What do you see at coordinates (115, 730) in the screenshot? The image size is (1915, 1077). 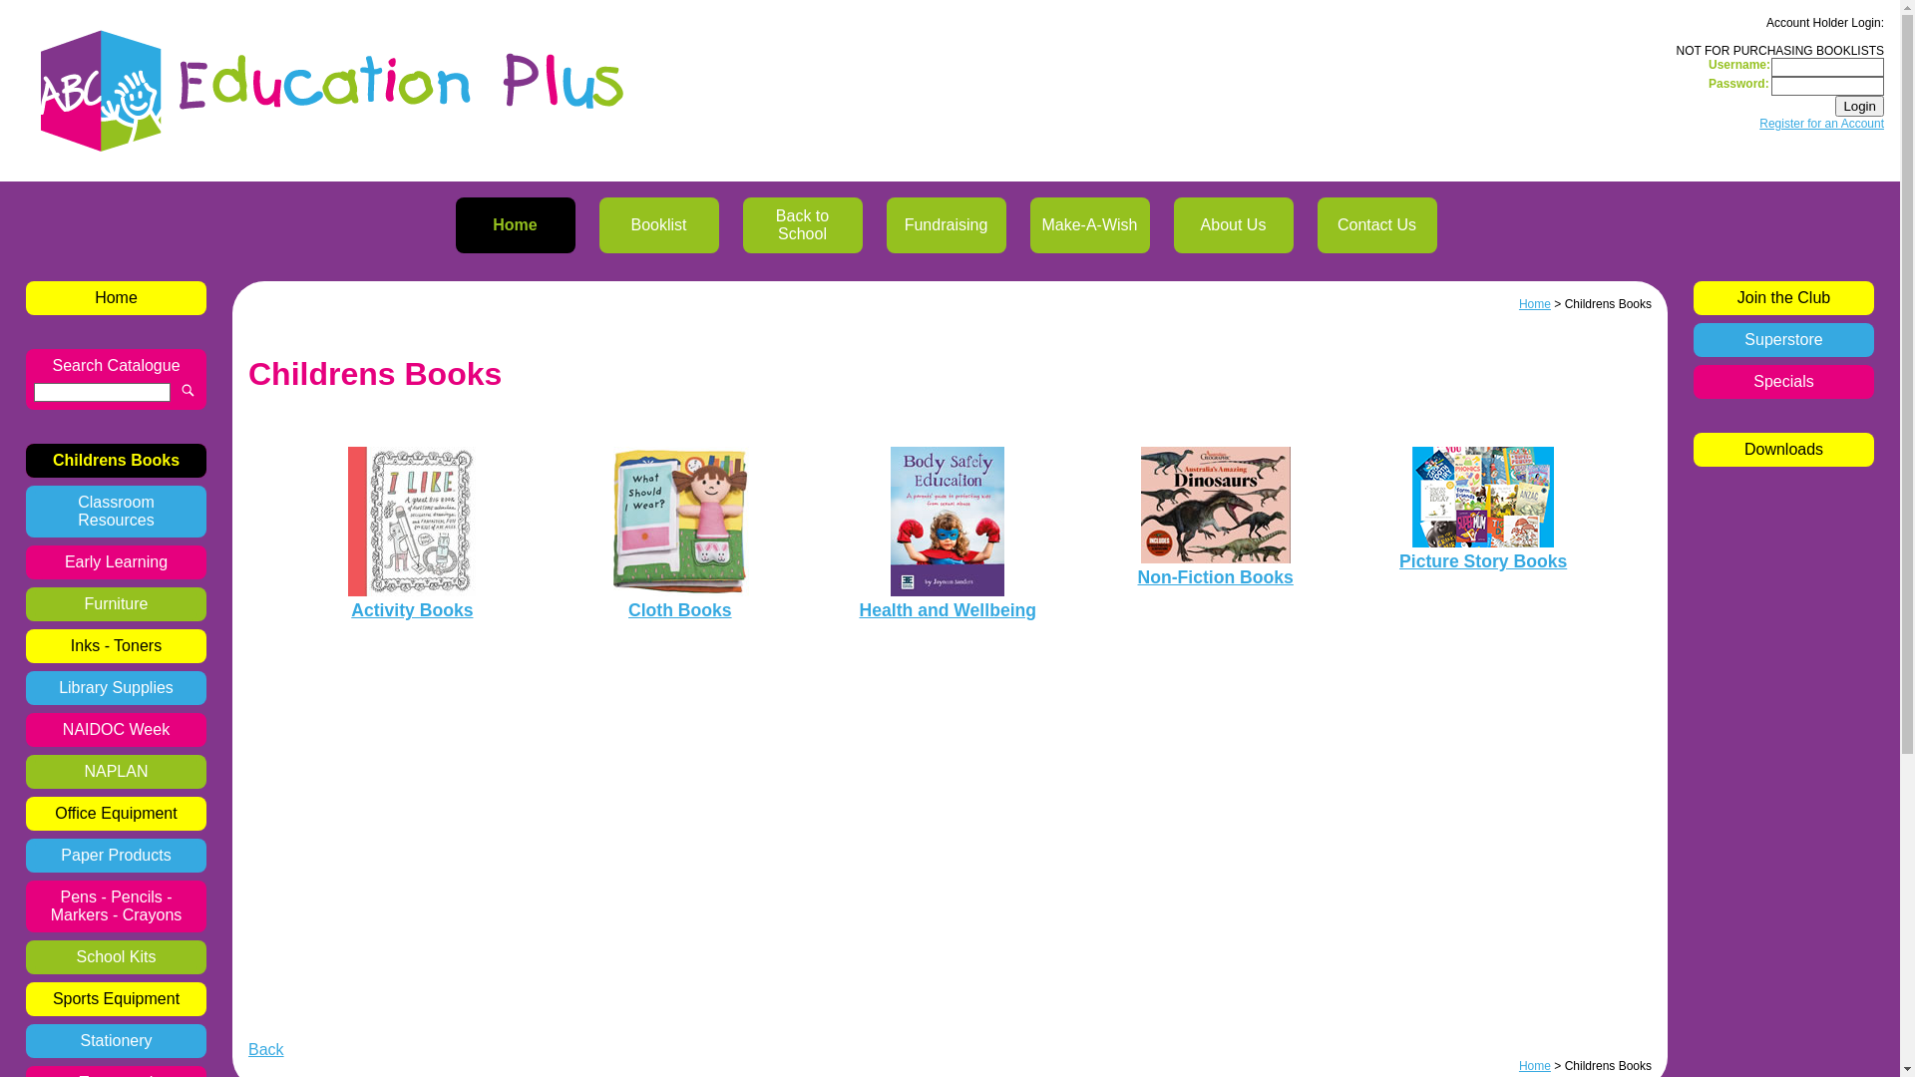 I see `'NAIDOC Week'` at bounding box center [115, 730].